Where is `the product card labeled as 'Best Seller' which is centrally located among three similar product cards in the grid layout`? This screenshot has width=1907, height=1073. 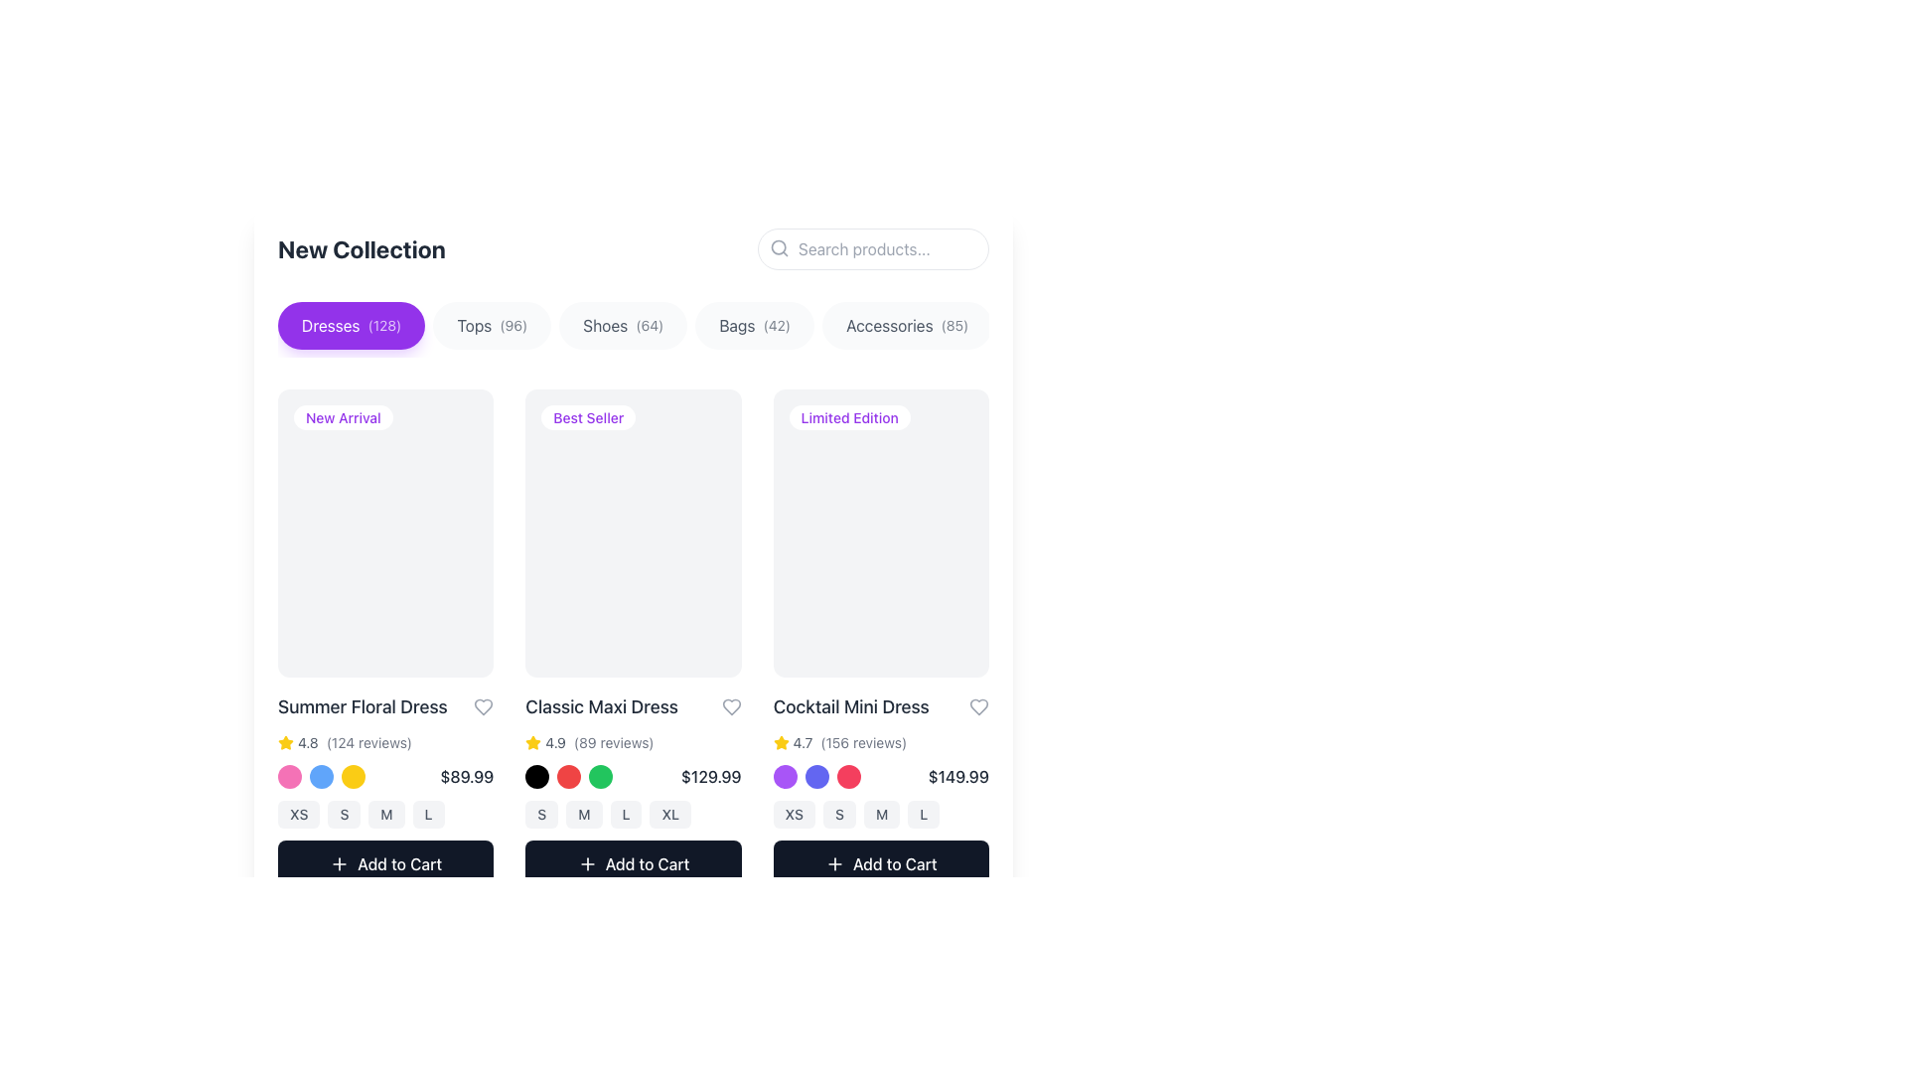
the product card labeled as 'Best Seller' which is centrally located among three similar product cards in the grid layout is located at coordinates (633, 532).